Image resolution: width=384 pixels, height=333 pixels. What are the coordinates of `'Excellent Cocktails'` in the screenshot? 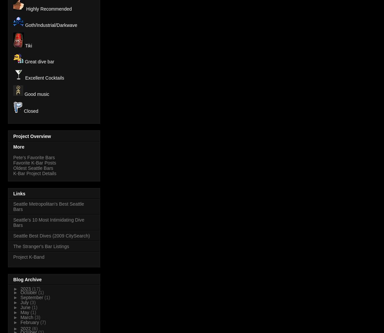 It's located at (43, 78).